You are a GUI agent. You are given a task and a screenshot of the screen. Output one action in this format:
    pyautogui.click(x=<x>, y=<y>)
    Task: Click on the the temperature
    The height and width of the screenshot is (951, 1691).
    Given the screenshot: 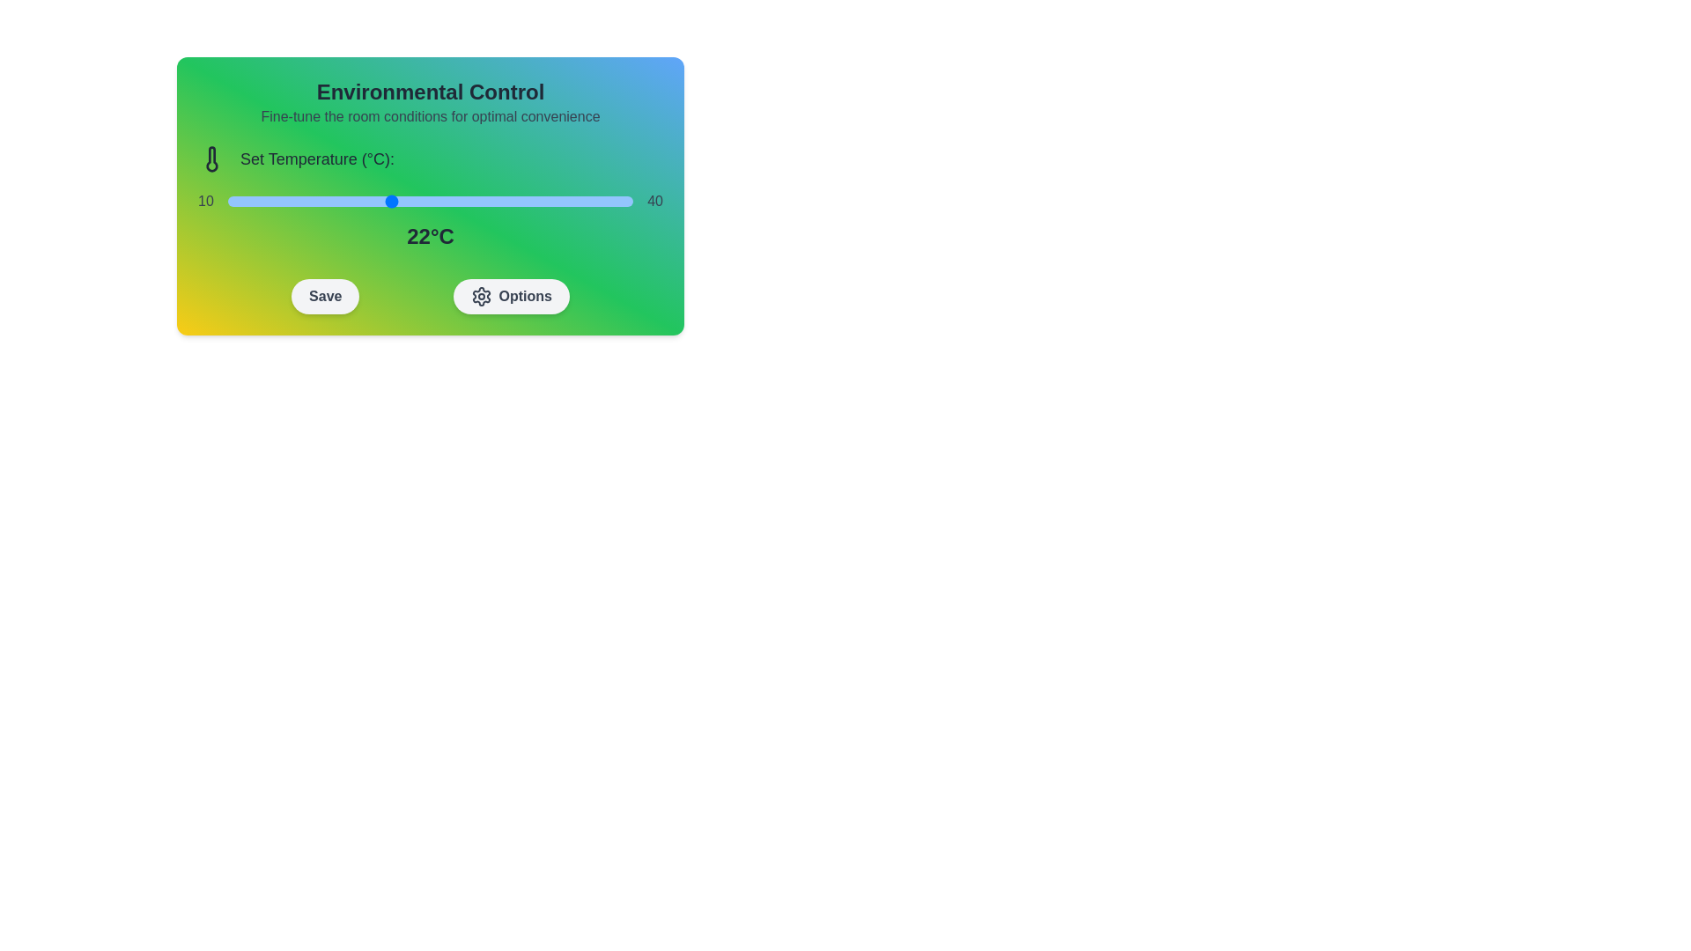 What is the action you would take?
    pyautogui.click(x=282, y=200)
    